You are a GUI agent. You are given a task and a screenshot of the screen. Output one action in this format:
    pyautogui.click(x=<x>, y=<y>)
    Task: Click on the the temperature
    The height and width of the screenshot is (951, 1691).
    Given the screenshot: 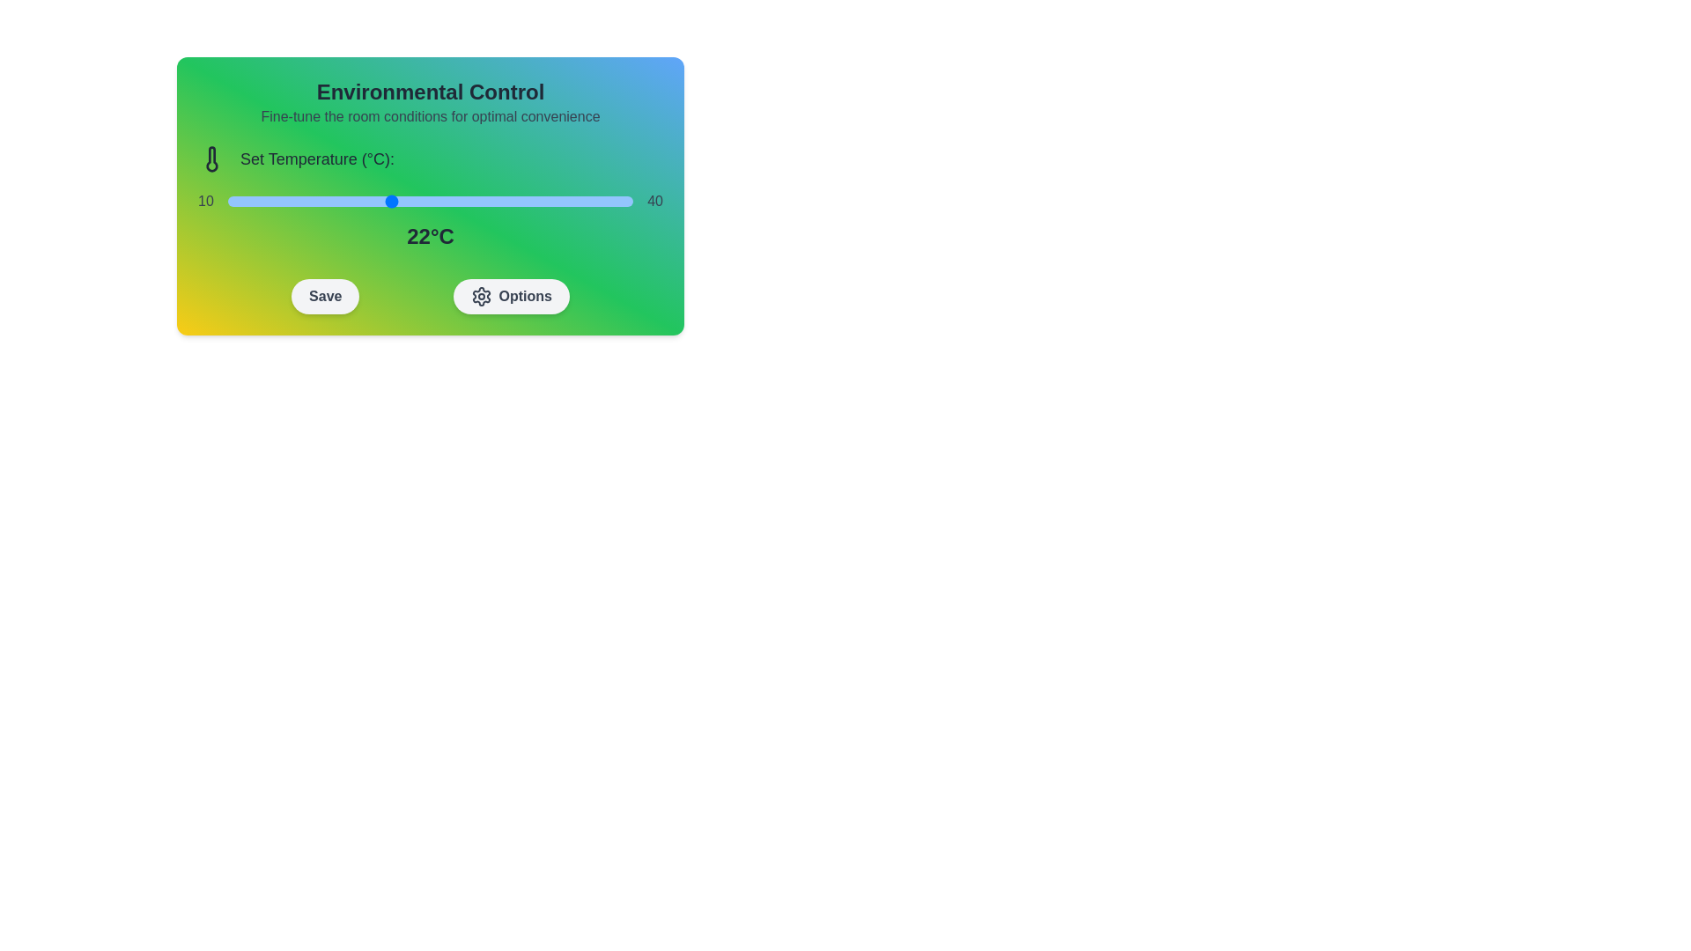 What is the action you would take?
    pyautogui.click(x=282, y=200)
    